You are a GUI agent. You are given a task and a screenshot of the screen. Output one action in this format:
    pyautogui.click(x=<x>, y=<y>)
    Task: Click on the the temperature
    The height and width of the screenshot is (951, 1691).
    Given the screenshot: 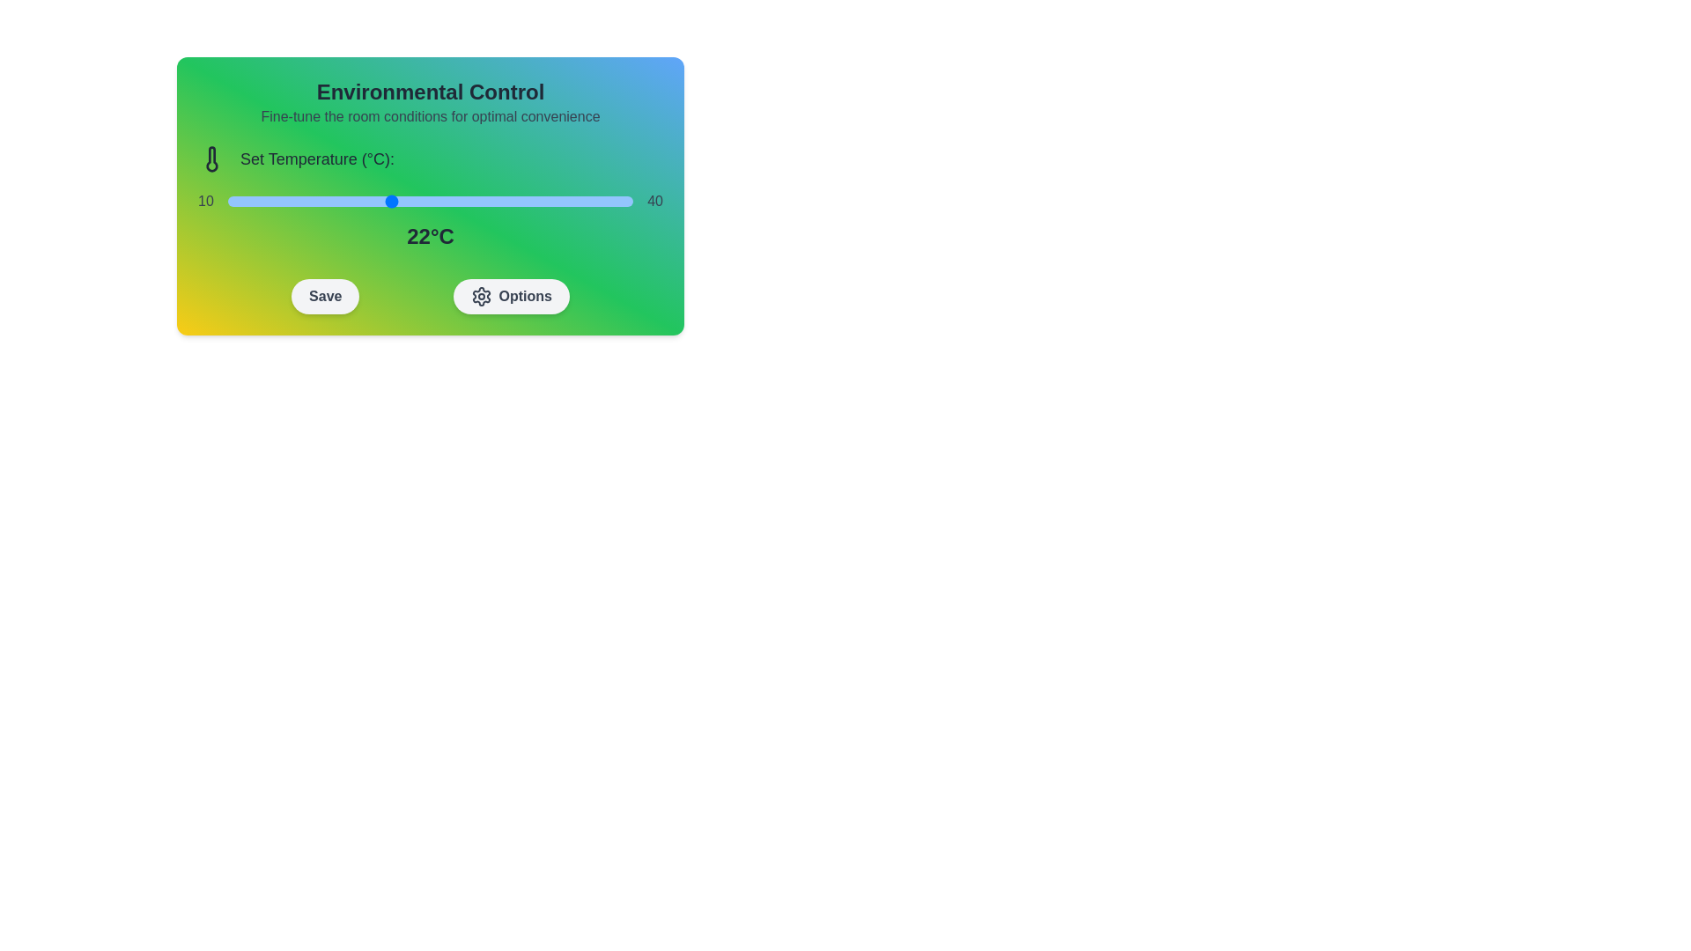 What is the action you would take?
    pyautogui.click(x=282, y=200)
    